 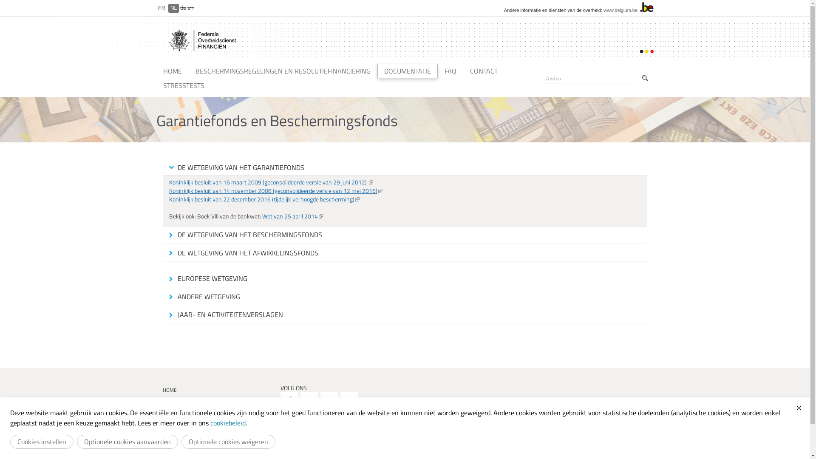 I want to click on 'DOCUMENTATIE', so click(x=407, y=70).